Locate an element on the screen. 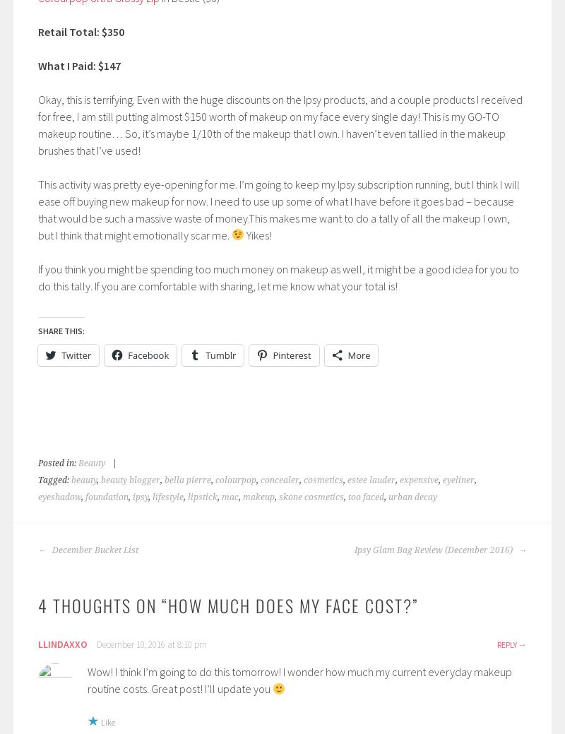 Image resolution: width=565 pixels, height=734 pixels. 'Tumblr' is located at coordinates (220, 354).